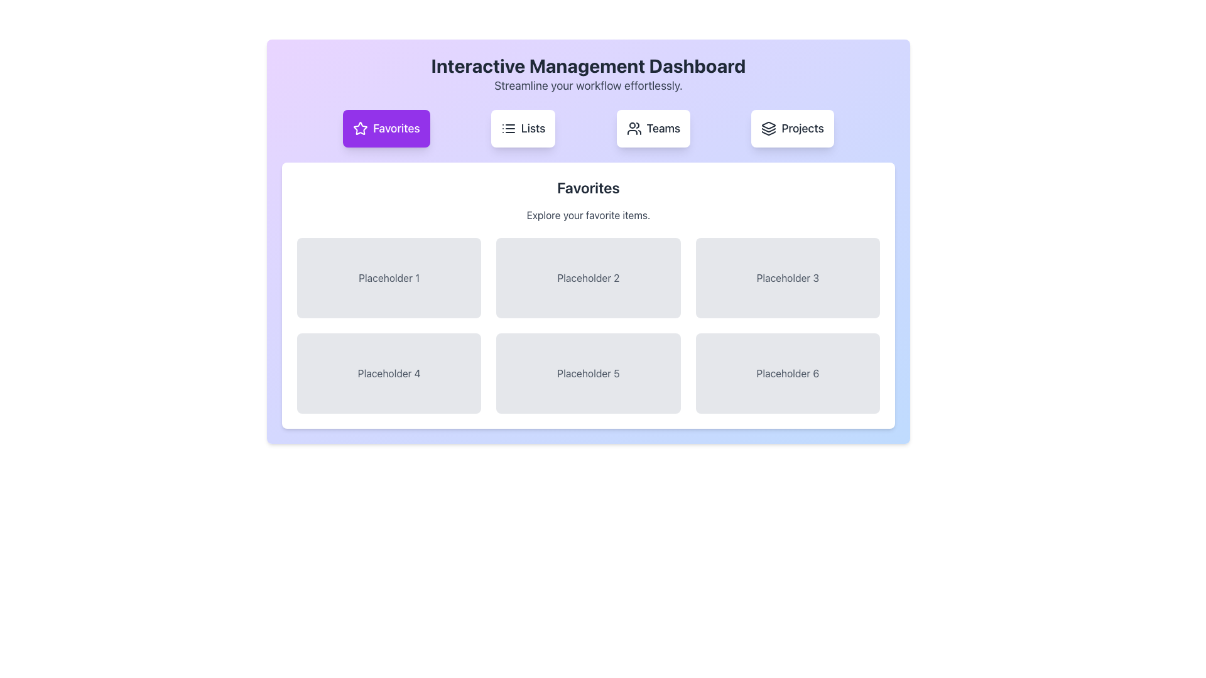 This screenshot has width=1206, height=678. What do you see at coordinates (663, 128) in the screenshot?
I see `text label indicating 'Teams' in the top navigation bar, located between 'Favorites' and 'Projects'` at bounding box center [663, 128].